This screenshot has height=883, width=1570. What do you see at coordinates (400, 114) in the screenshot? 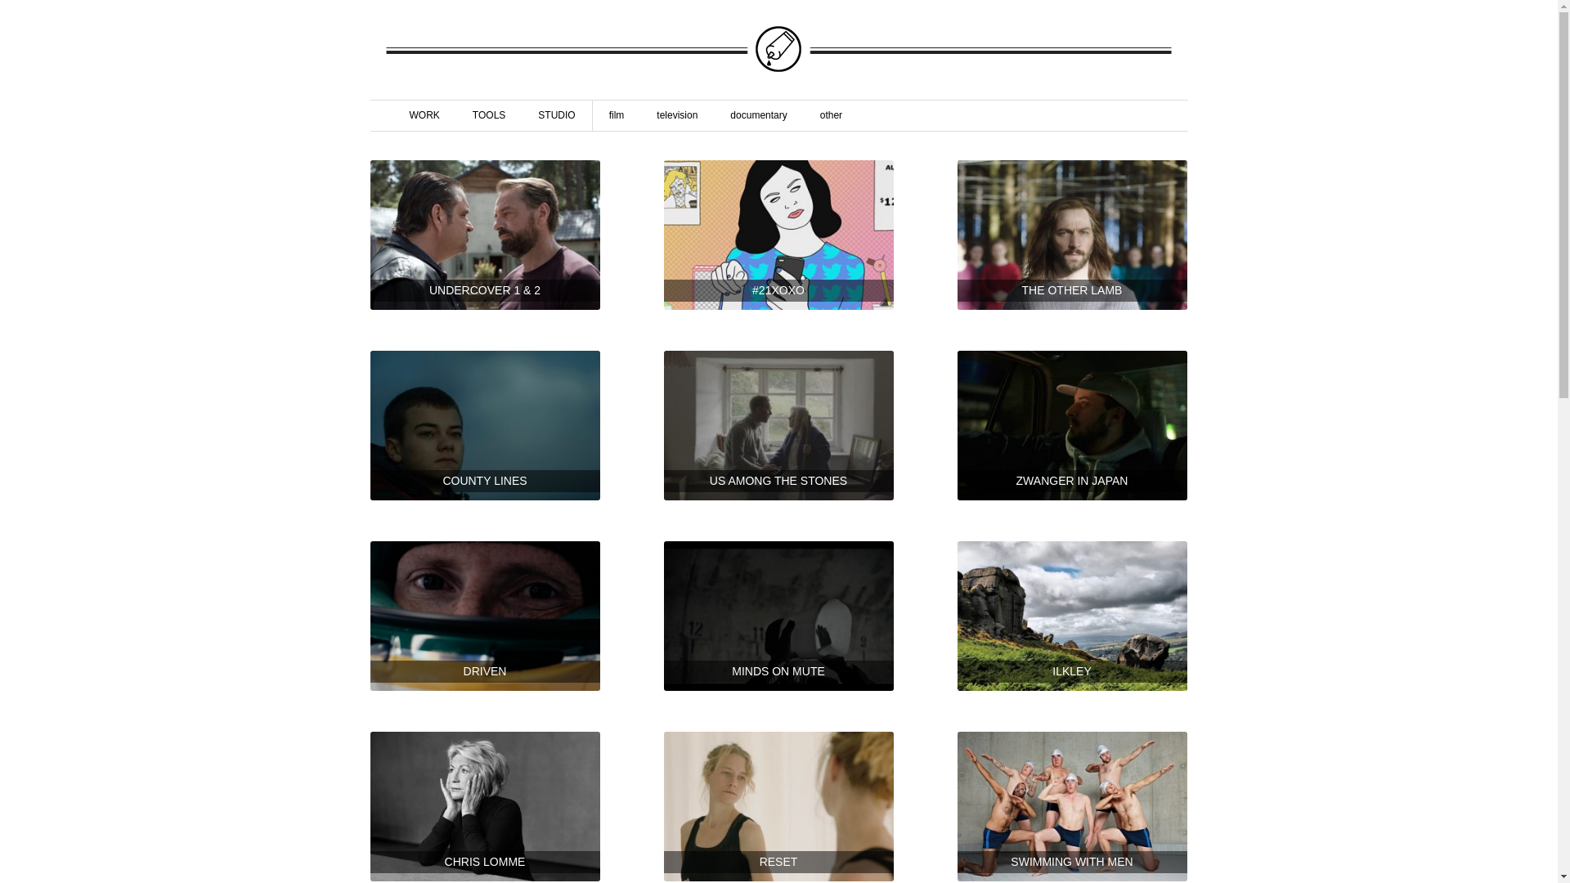
I see `'WORK'` at bounding box center [400, 114].